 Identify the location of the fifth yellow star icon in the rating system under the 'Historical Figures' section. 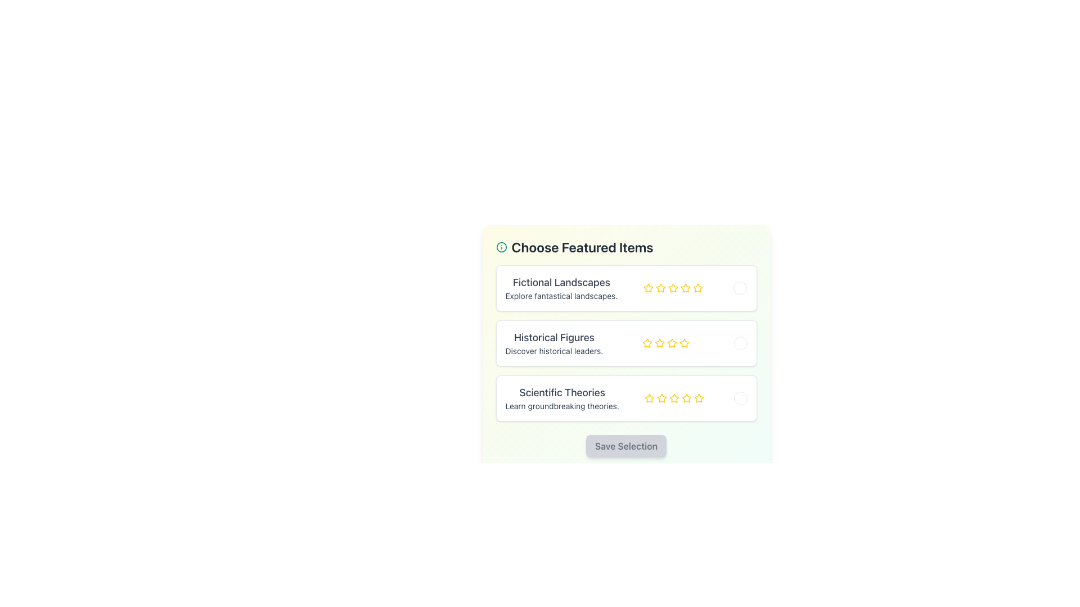
(684, 342).